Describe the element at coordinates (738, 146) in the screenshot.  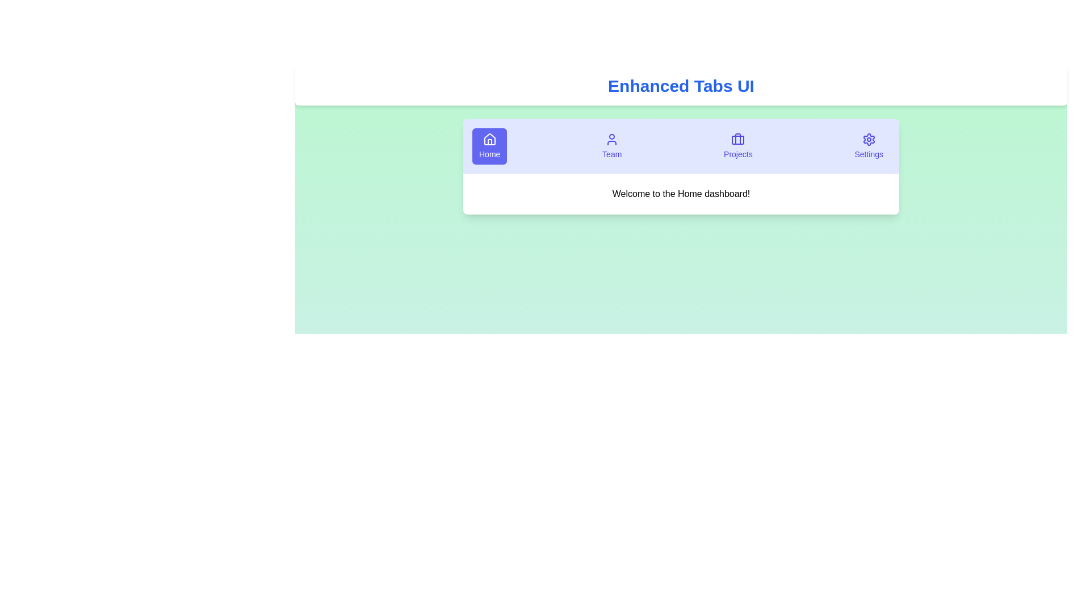
I see `the third button in the navigation bar, which redirects to the 'Projects' section` at that location.